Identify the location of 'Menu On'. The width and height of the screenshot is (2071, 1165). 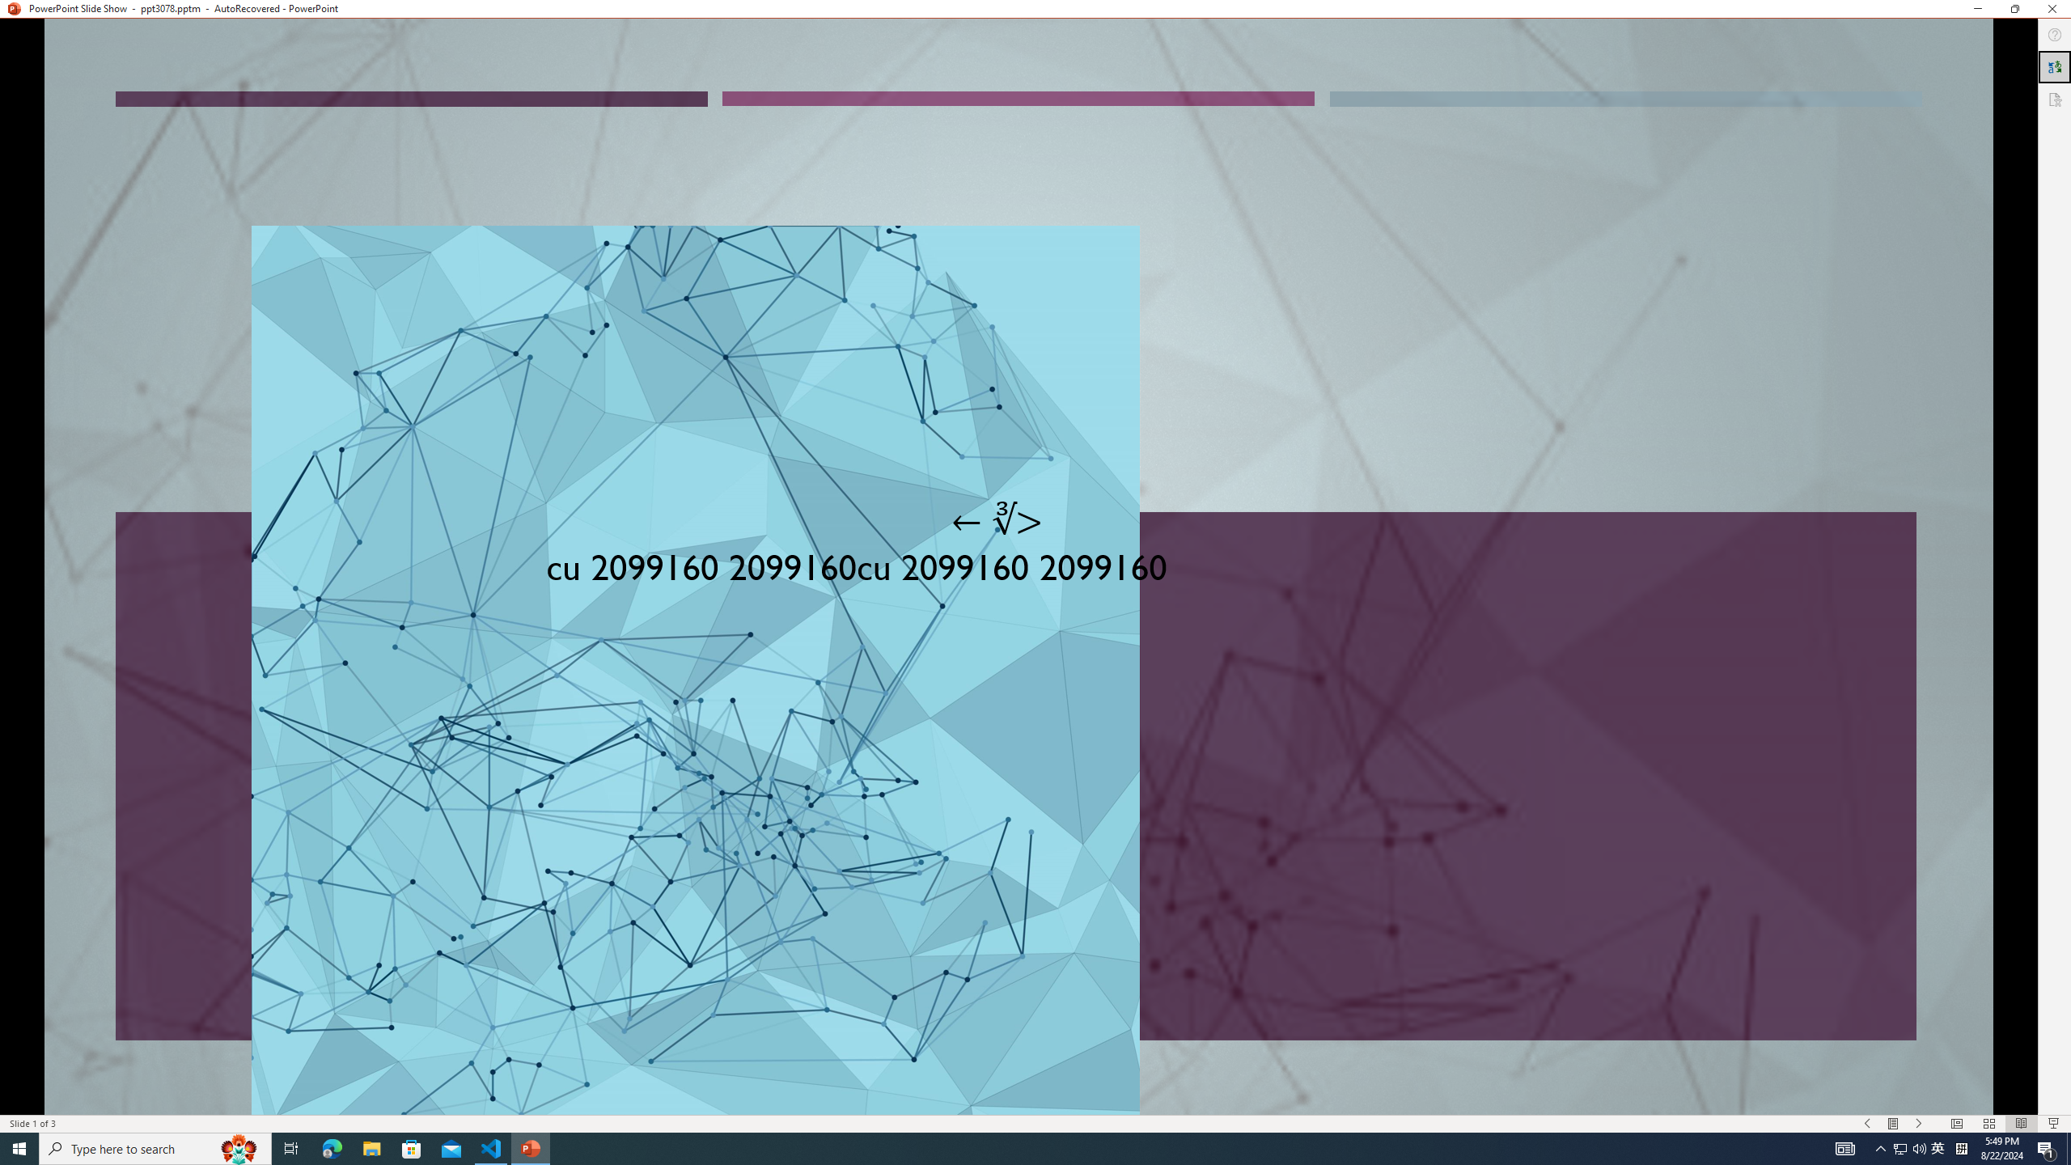
(1893, 1124).